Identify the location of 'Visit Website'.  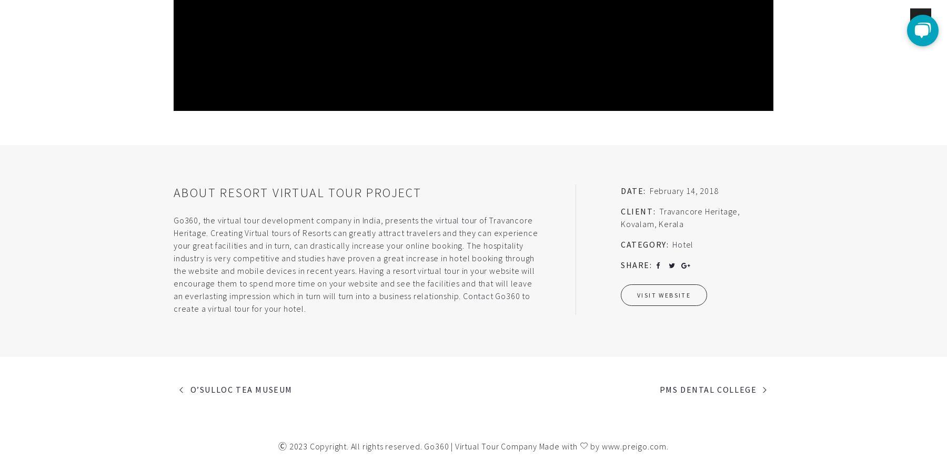
(663, 294).